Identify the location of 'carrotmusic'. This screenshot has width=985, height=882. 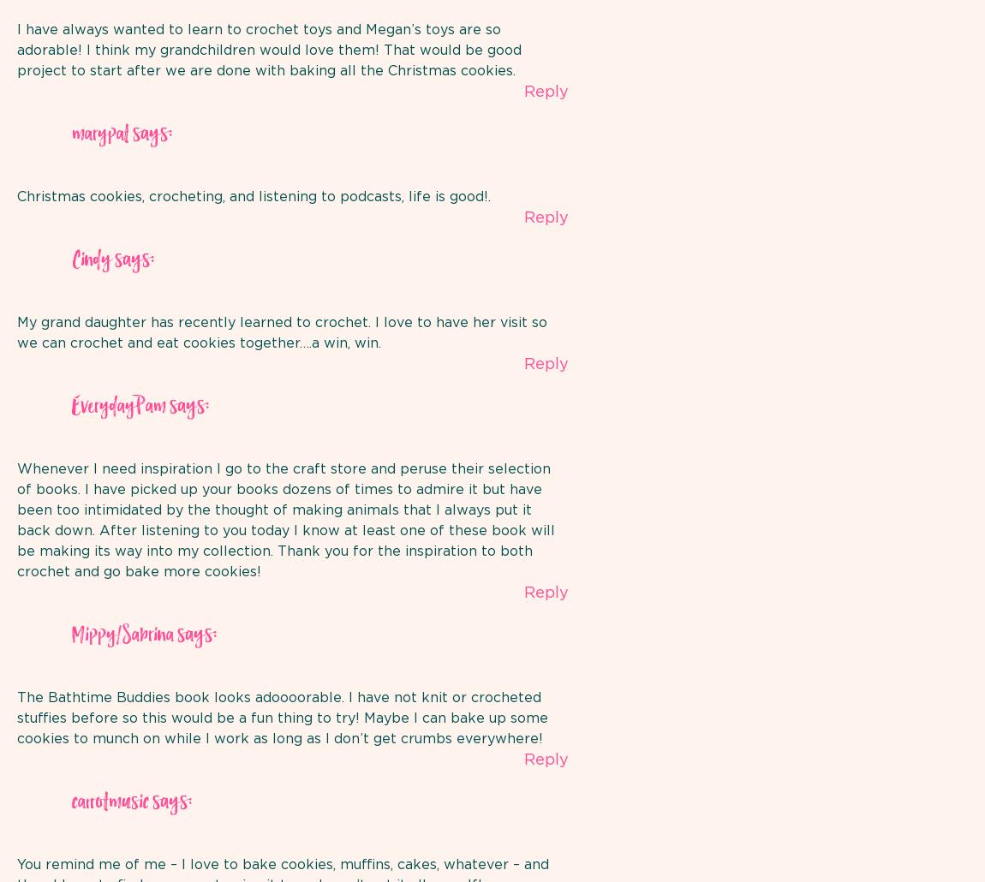
(110, 802).